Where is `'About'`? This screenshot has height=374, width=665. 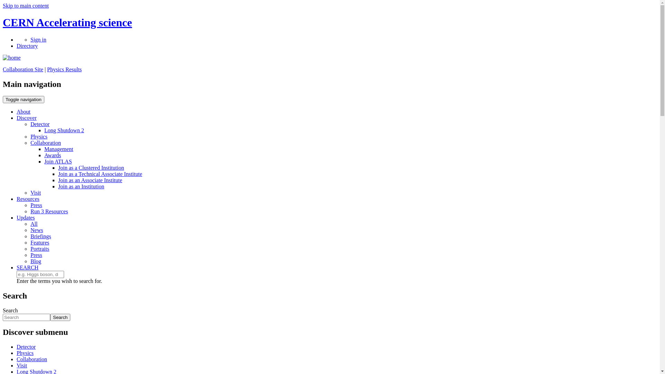
'About' is located at coordinates (23, 111).